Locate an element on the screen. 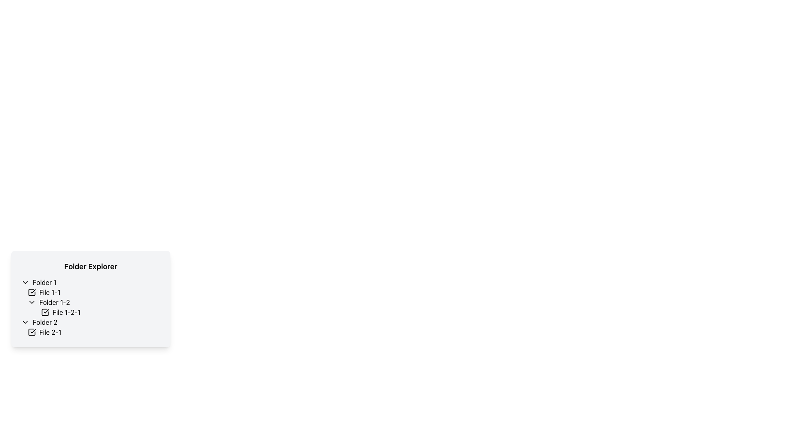  the downward-pointing chevron icon button, which is located to the left of the text 'Folder 1-2.' is located at coordinates (32, 302).